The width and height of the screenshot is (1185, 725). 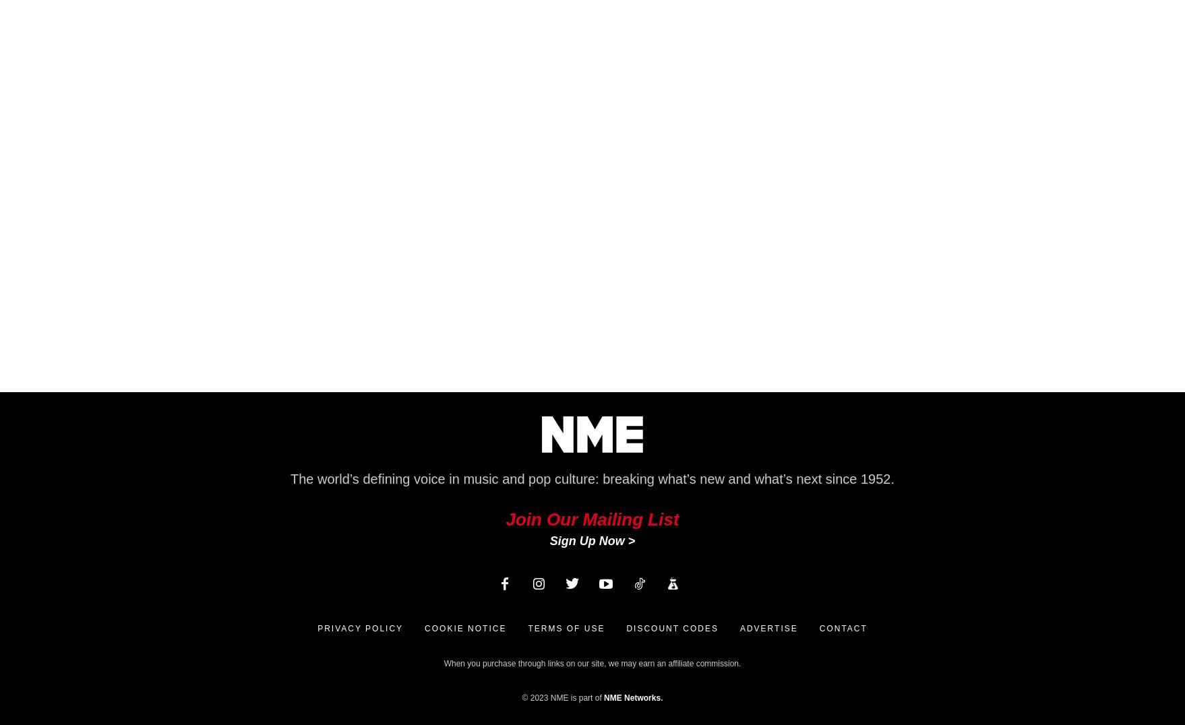 What do you see at coordinates (632, 697) in the screenshot?
I see `'NME Networks'` at bounding box center [632, 697].